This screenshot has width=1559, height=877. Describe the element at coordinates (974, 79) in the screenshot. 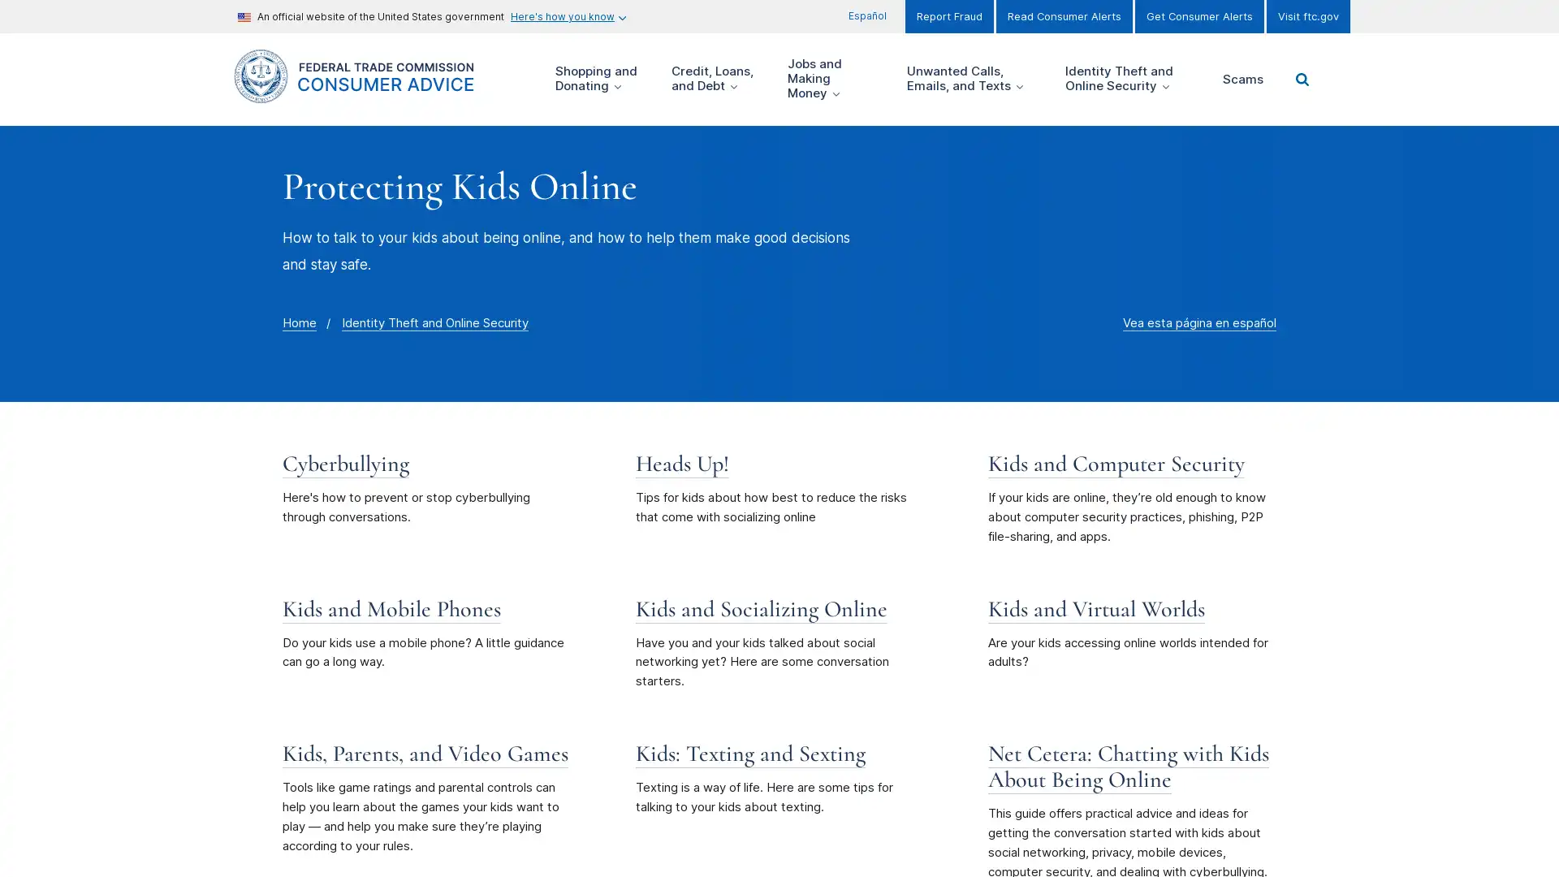

I see `Show/hide Unwanted Calls, Emails, and Texts menu items` at that location.